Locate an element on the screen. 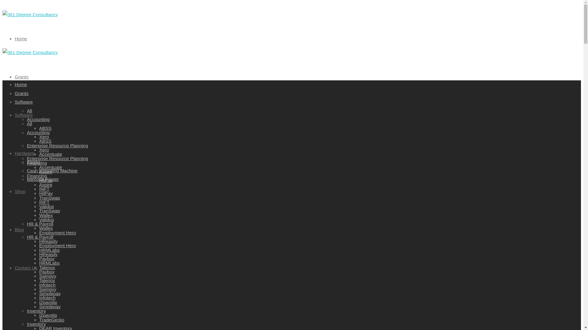 The image size is (588, 330). 'HitPay' is located at coordinates (45, 193).